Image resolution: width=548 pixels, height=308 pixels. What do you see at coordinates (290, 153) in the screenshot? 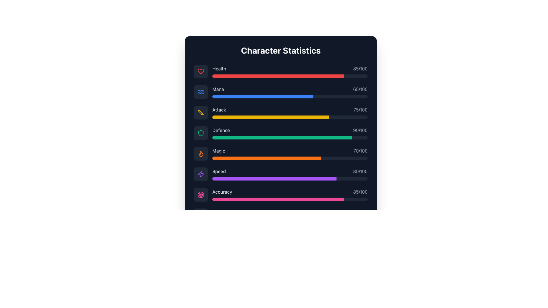
I see `associated texts of the 'Magic' progress bar located in the 'Character Statistics' section, which is the fifth entry in a vertical list of progress bars` at bounding box center [290, 153].